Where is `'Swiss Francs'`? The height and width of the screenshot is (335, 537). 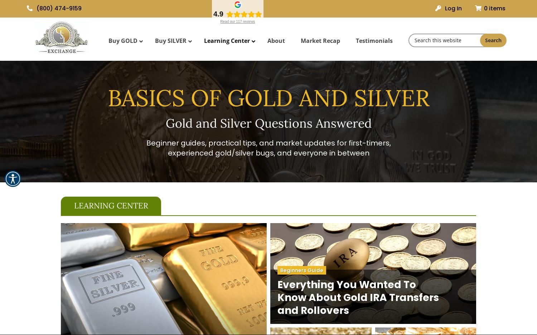 'Swiss Francs' is located at coordinates (404, 125).